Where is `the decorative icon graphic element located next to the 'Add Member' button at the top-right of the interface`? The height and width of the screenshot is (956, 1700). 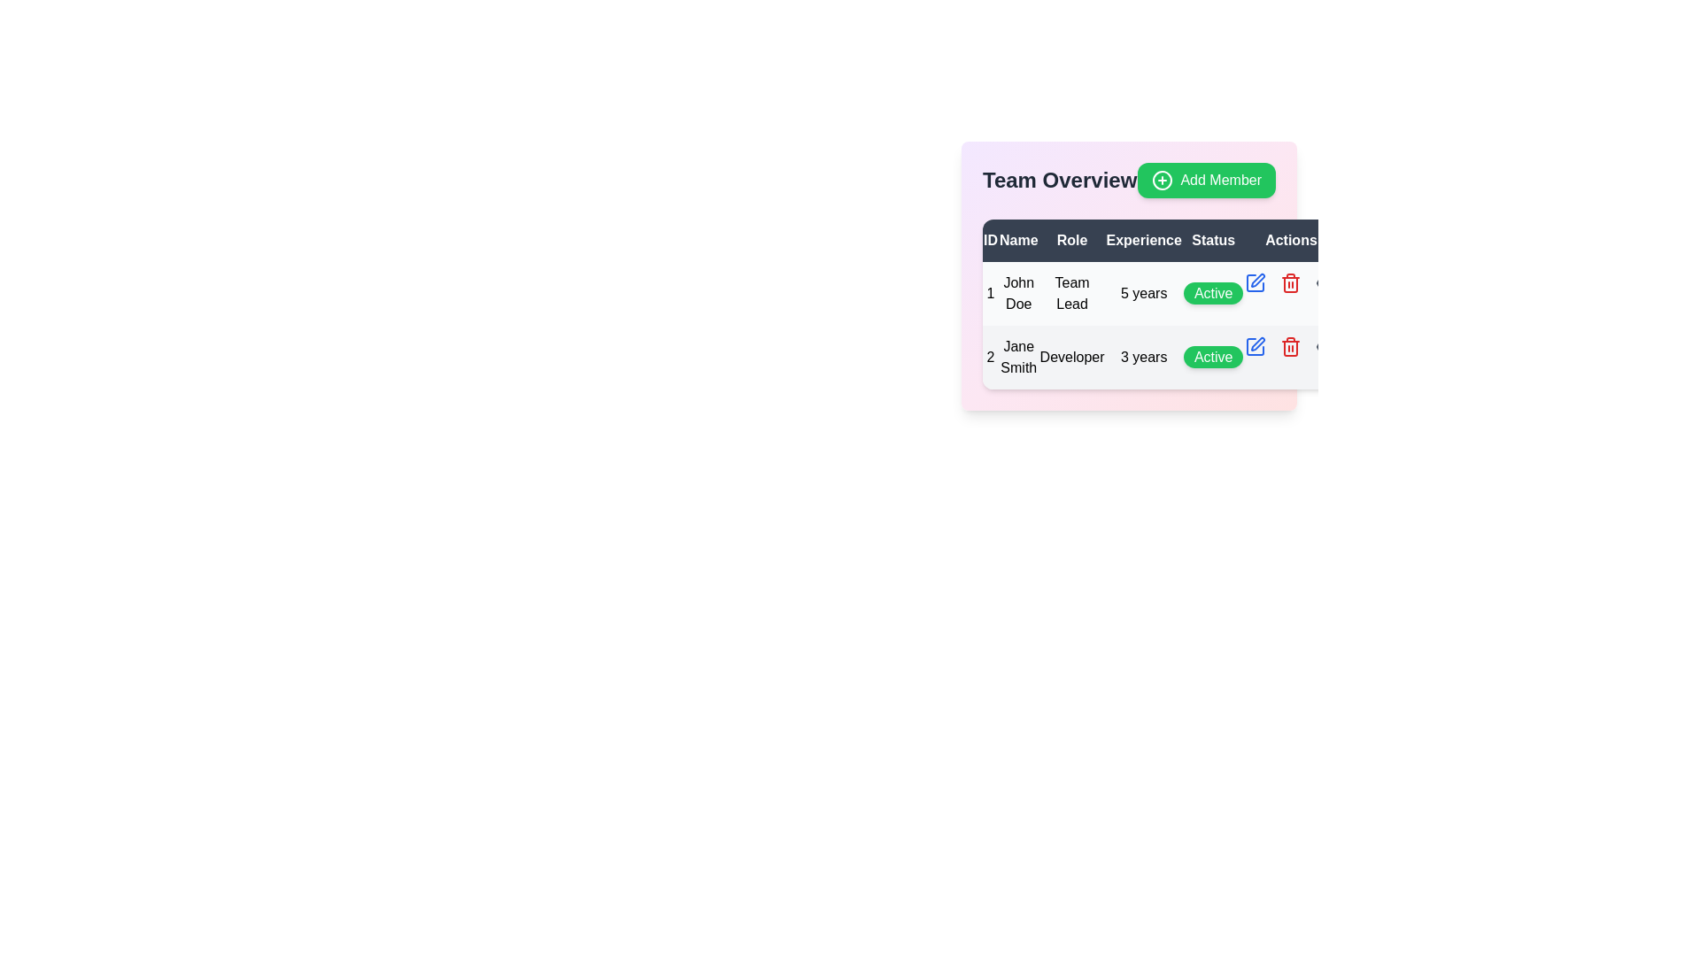 the decorative icon graphic element located next to the 'Add Member' button at the top-right of the interface is located at coordinates (1163, 181).